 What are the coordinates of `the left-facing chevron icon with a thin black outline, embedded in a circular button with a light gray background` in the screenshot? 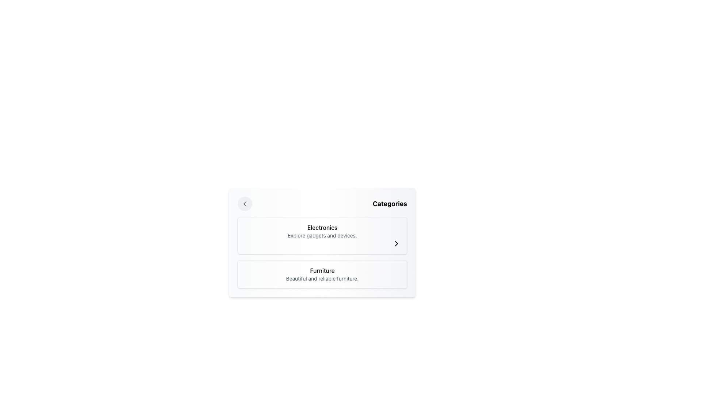 It's located at (245, 204).